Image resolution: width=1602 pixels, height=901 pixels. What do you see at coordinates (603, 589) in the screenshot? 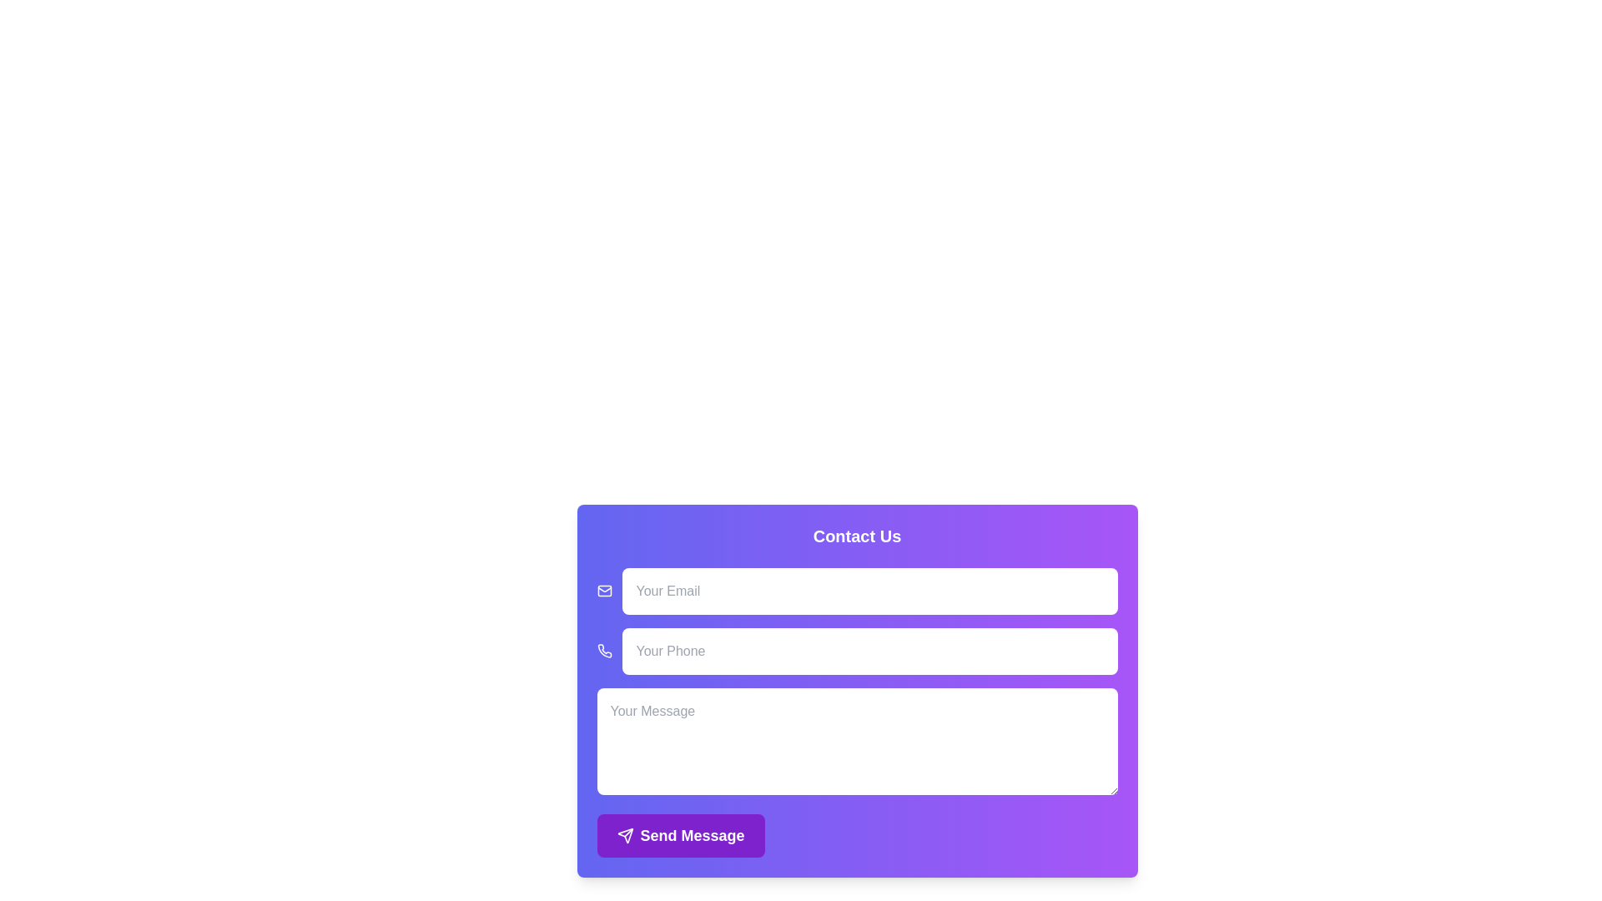
I see `the decorative SVG icon enhancing the 'Your Email' input field, located near the top-left corner of the input area` at bounding box center [603, 589].